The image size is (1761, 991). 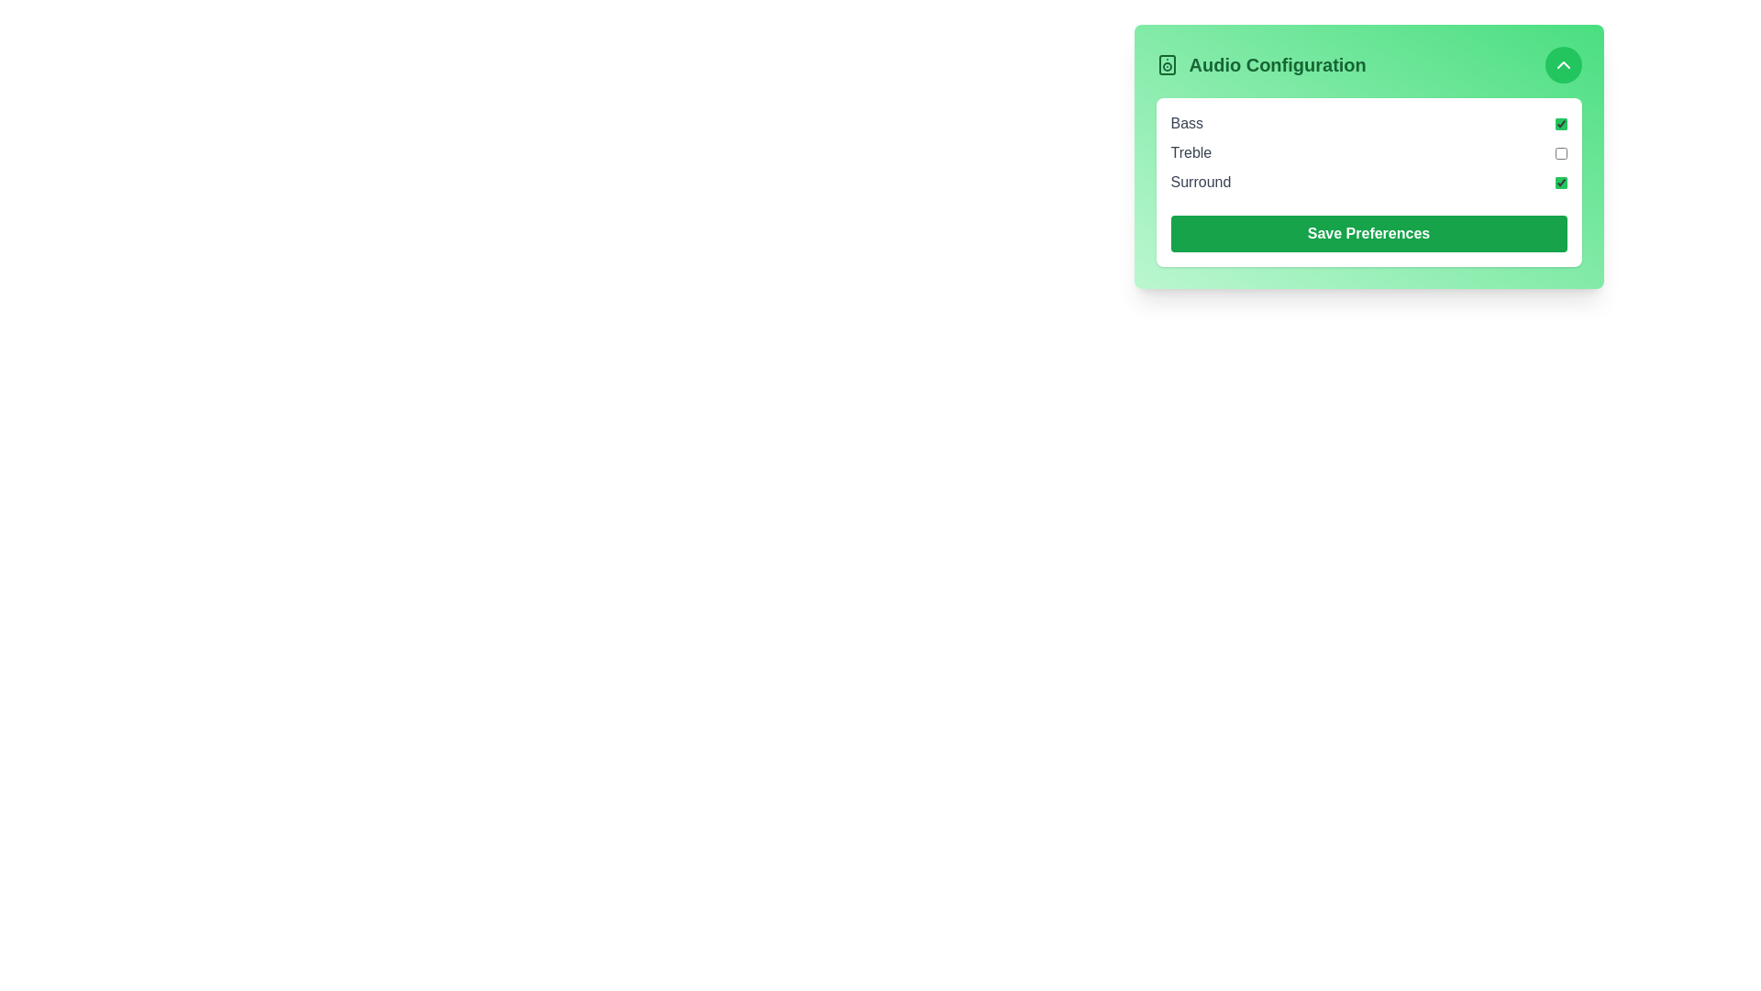 I want to click on the audio settings icon located in the top-left corner of the 'Audio Configuration' section, next to the text 'Audio Configuration', so click(x=1166, y=63).